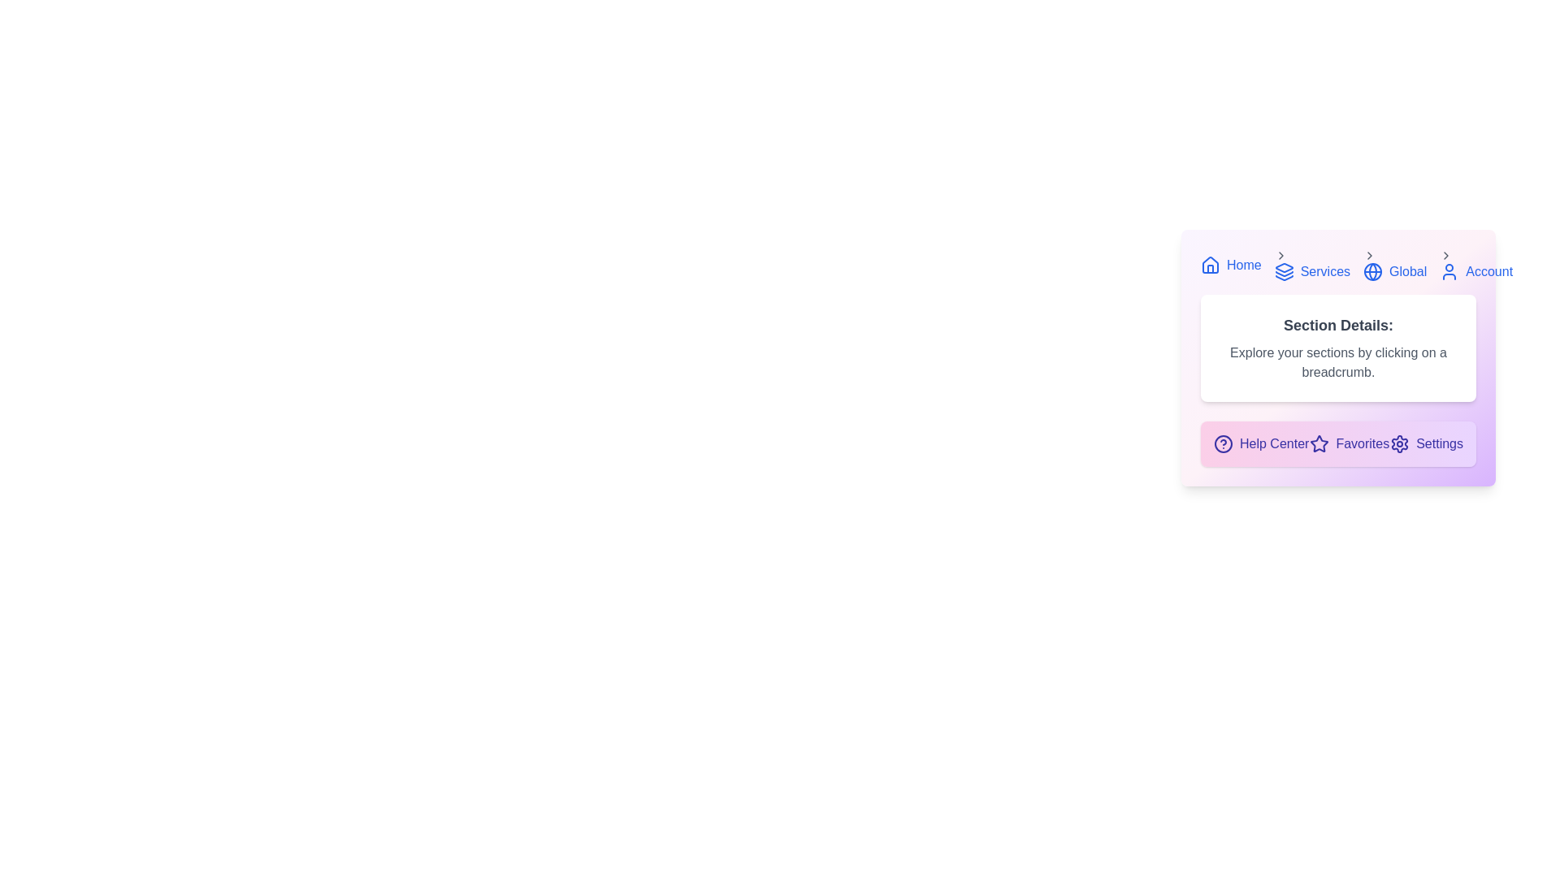 The height and width of the screenshot is (877, 1560). I want to click on the Interactive button link located at the bottom left of the card, preceding the 'Favorites' and 'Settings' options, so click(1260, 444).